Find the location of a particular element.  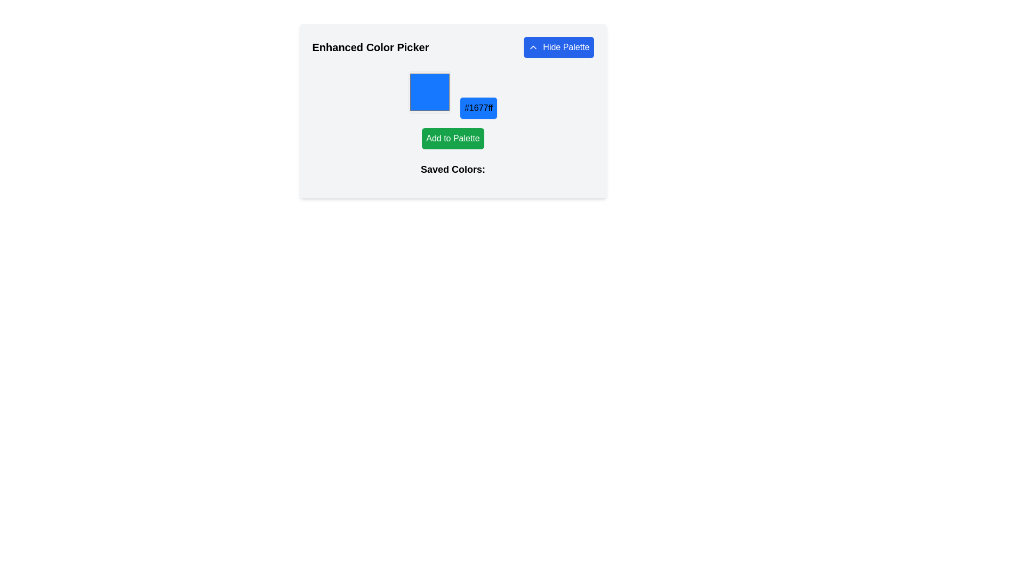

the text label indicating the function is located at coordinates (565, 46).